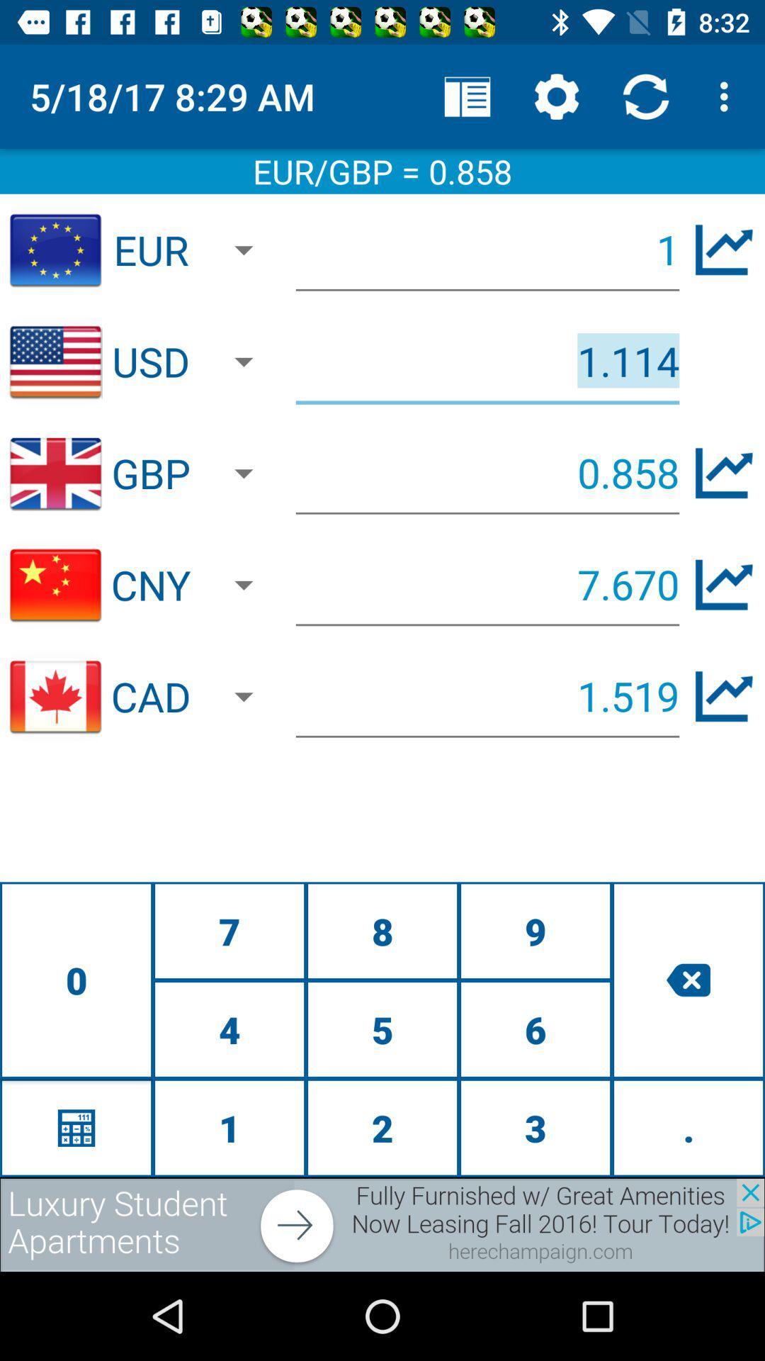 The width and height of the screenshot is (765, 1361). Describe the element at coordinates (724, 473) in the screenshot. I see `gbp` at that location.